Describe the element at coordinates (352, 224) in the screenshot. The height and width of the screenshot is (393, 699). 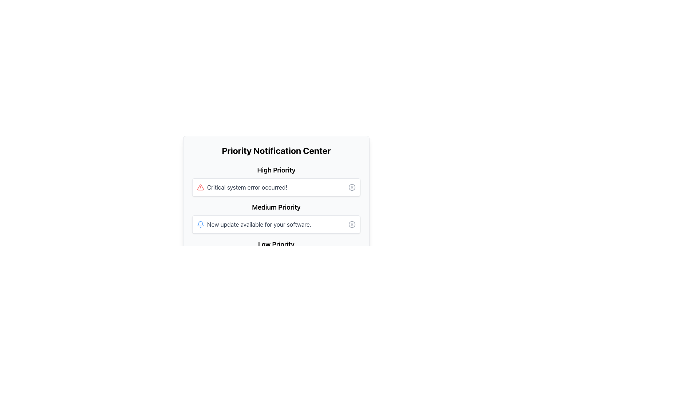
I see `the SVG Circle outlined in gray with a white fill, located next to the 'High Priority' label and part of the icon near the 'Critical system error occurred!' text` at that location.